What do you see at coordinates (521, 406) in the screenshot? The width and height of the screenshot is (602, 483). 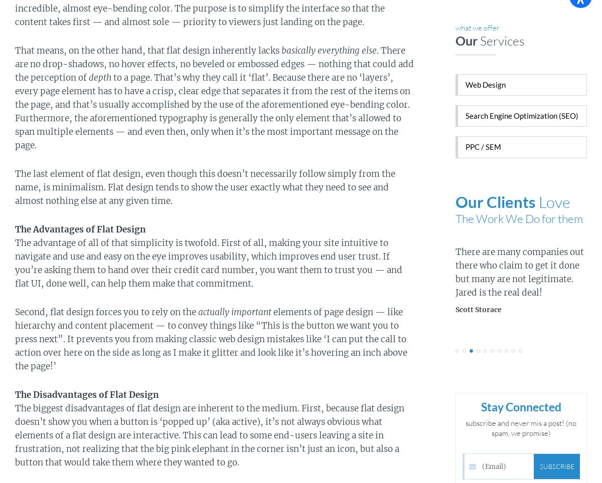 I see `'Stay Connected'` at bounding box center [521, 406].